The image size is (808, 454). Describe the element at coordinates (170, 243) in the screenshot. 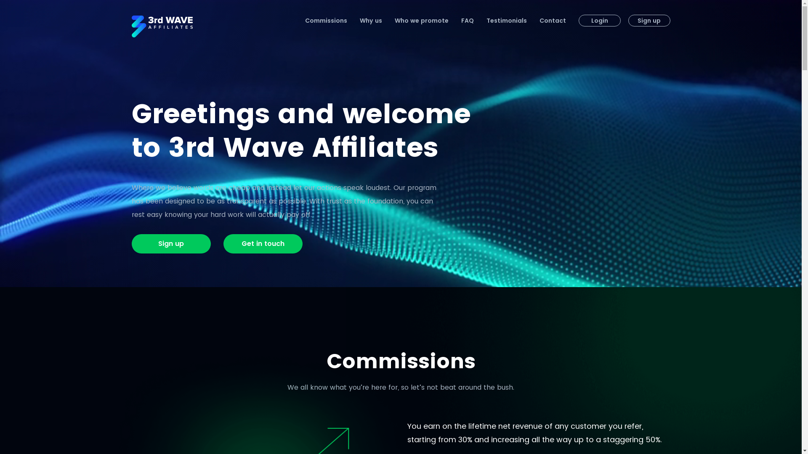

I see `'Sign up'` at that location.